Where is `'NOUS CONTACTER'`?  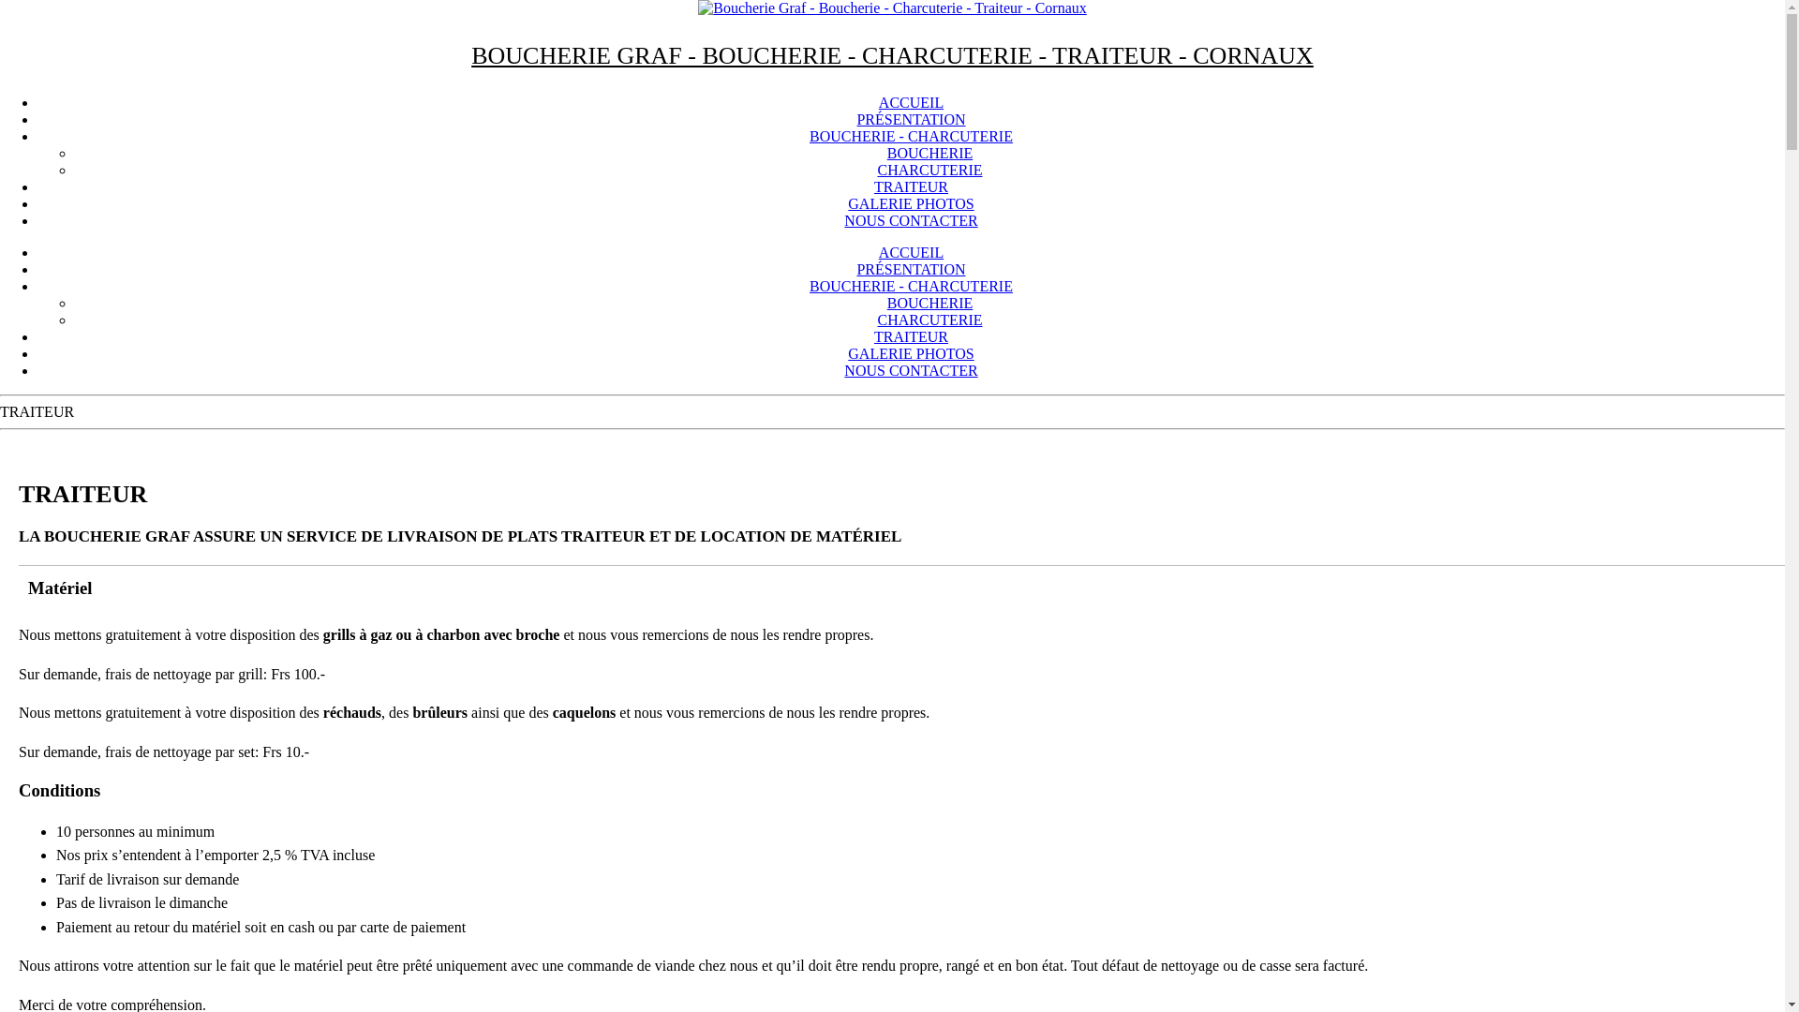 'NOUS CONTACTER' is located at coordinates (843, 370).